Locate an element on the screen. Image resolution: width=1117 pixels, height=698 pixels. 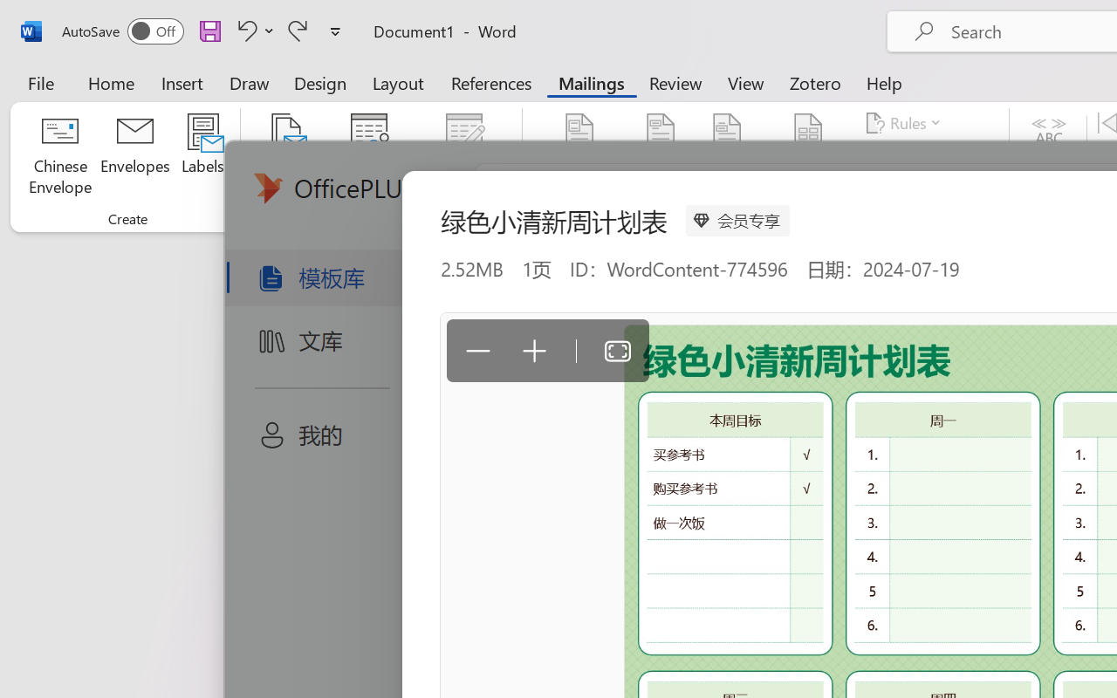
'Redo Apply Quick Style' is located at coordinates (298, 30).